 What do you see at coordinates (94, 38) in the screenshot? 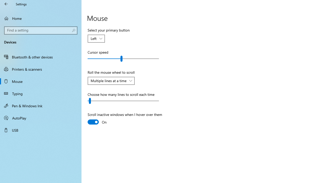
I see `'Left'` at bounding box center [94, 38].